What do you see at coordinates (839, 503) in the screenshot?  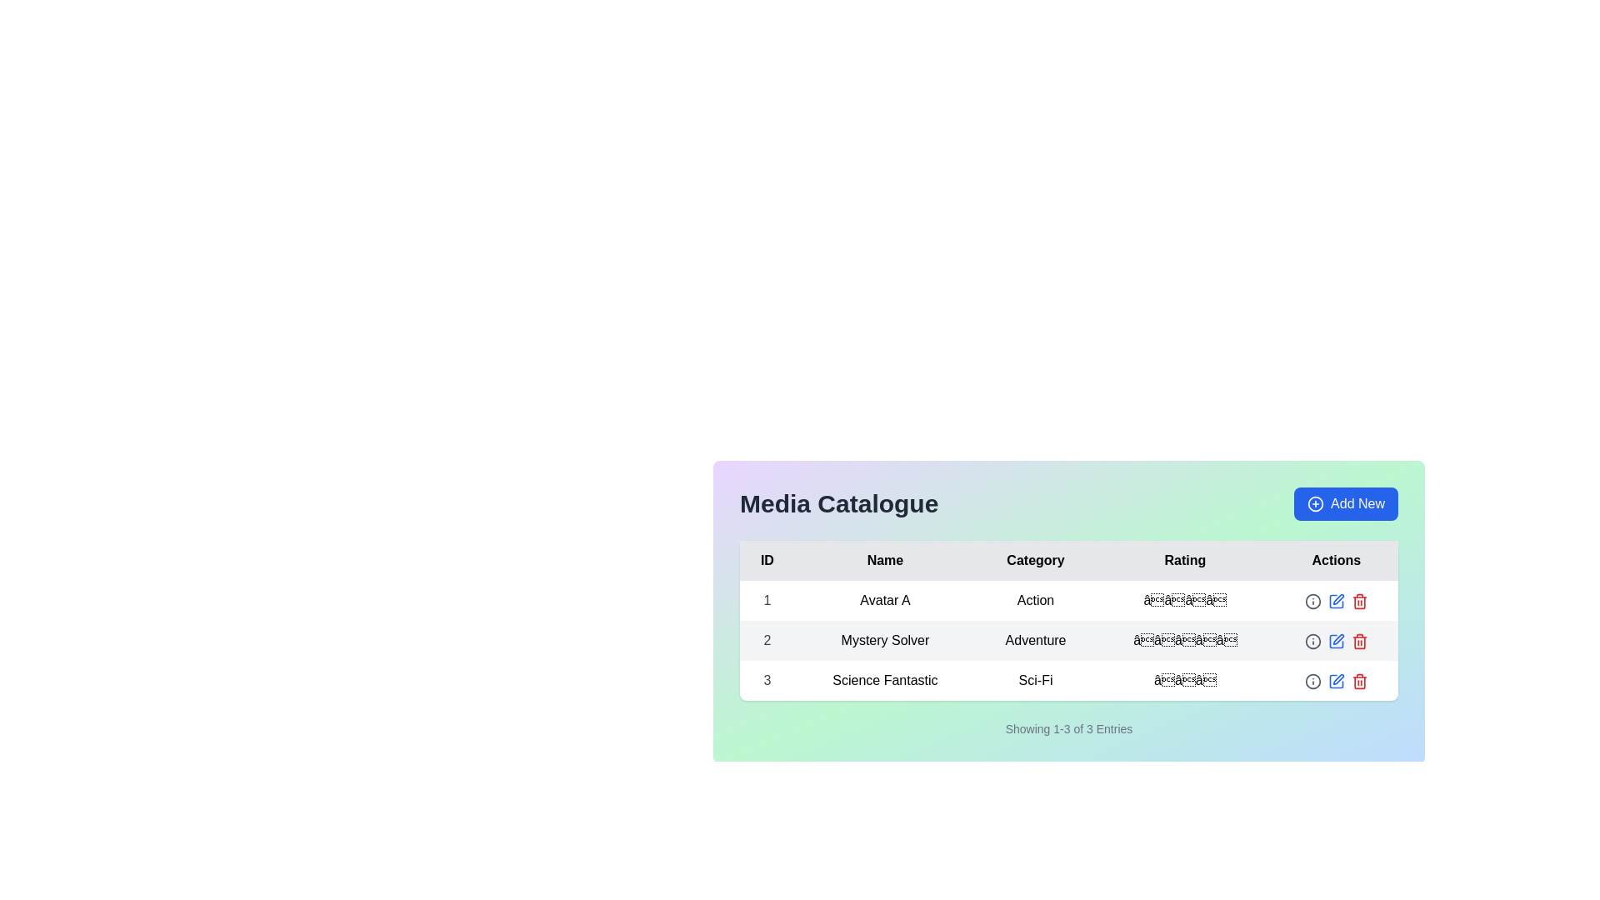 I see `the Text label that serves as the header title for the data table, indicating the category or context of the information presented below` at bounding box center [839, 503].